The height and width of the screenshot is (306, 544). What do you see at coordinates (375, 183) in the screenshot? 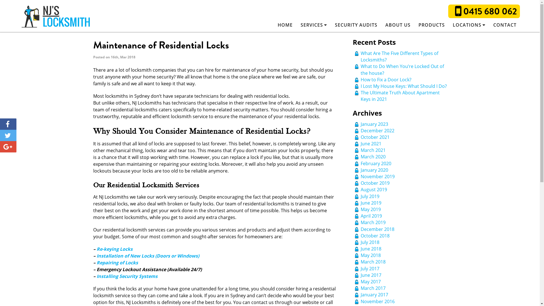
I see `'October 2019'` at bounding box center [375, 183].